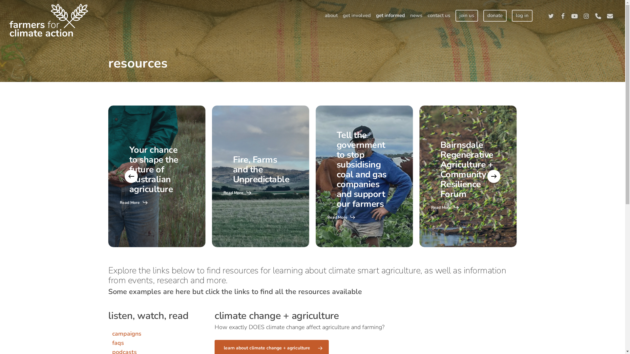  I want to click on 'campaigns', so click(127, 334).